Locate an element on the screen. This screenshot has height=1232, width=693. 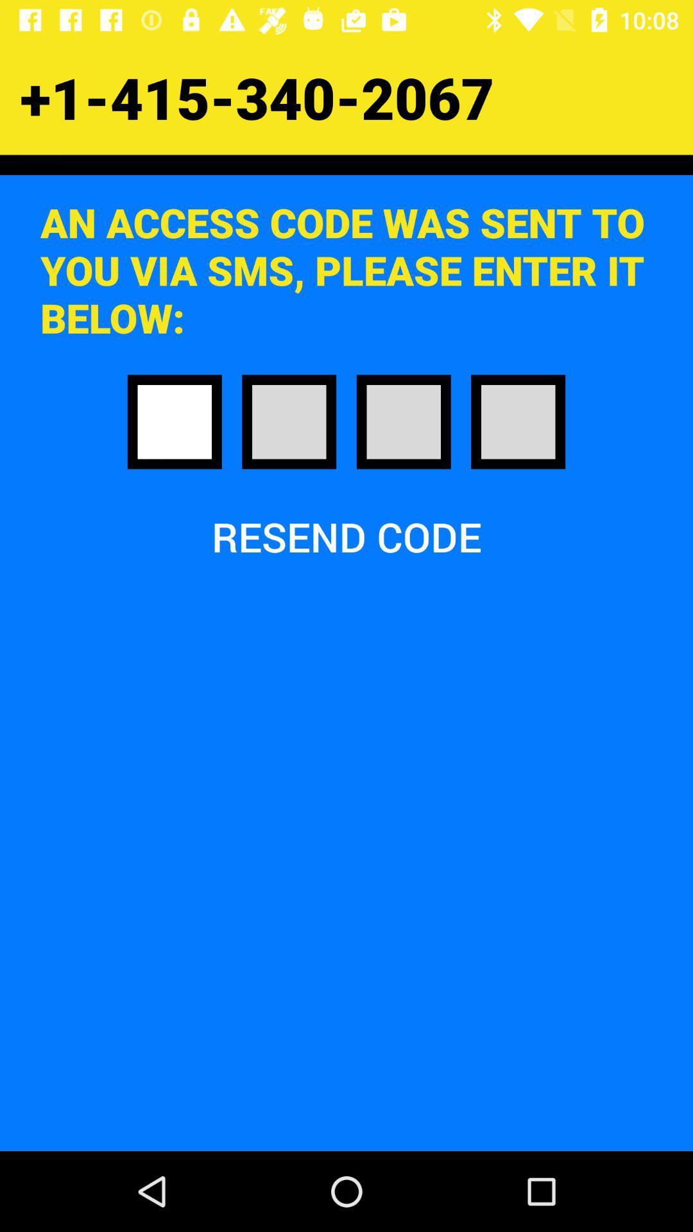
the resend code icon is located at coordinates (346, 536).